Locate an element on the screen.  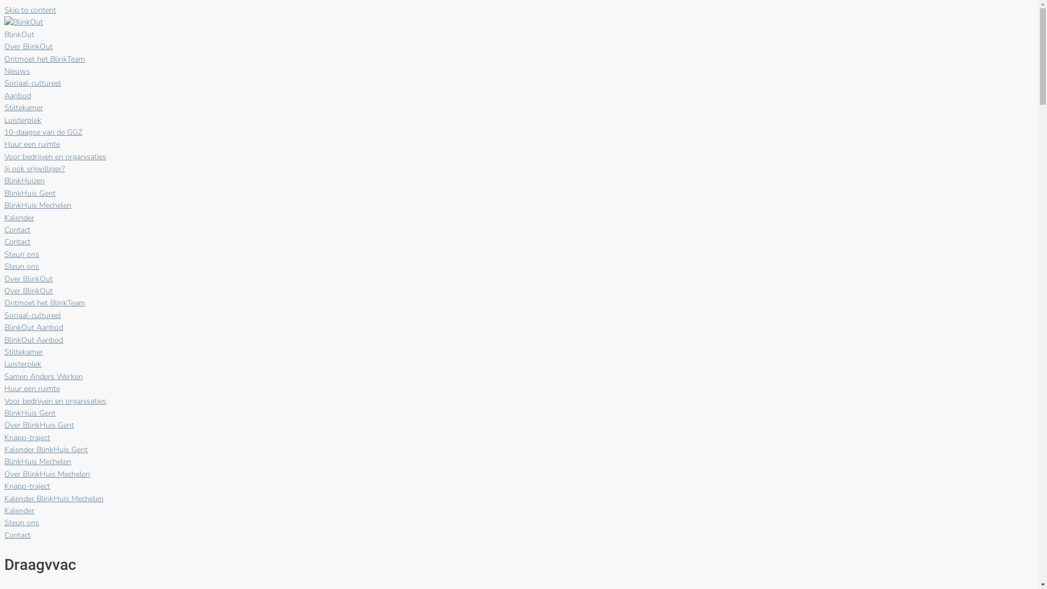
'Contact' is located at coordinates (17, 534).